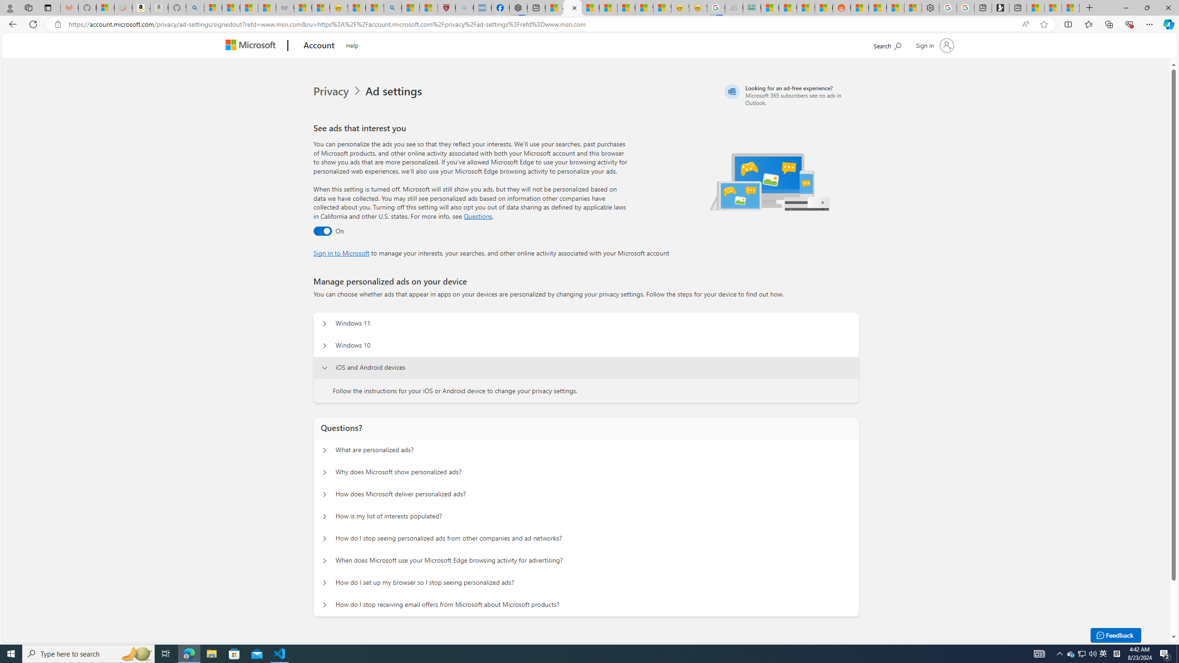 This screenshot has height=663, width=1179. I want to click on 'View site information', so click(58, 24).